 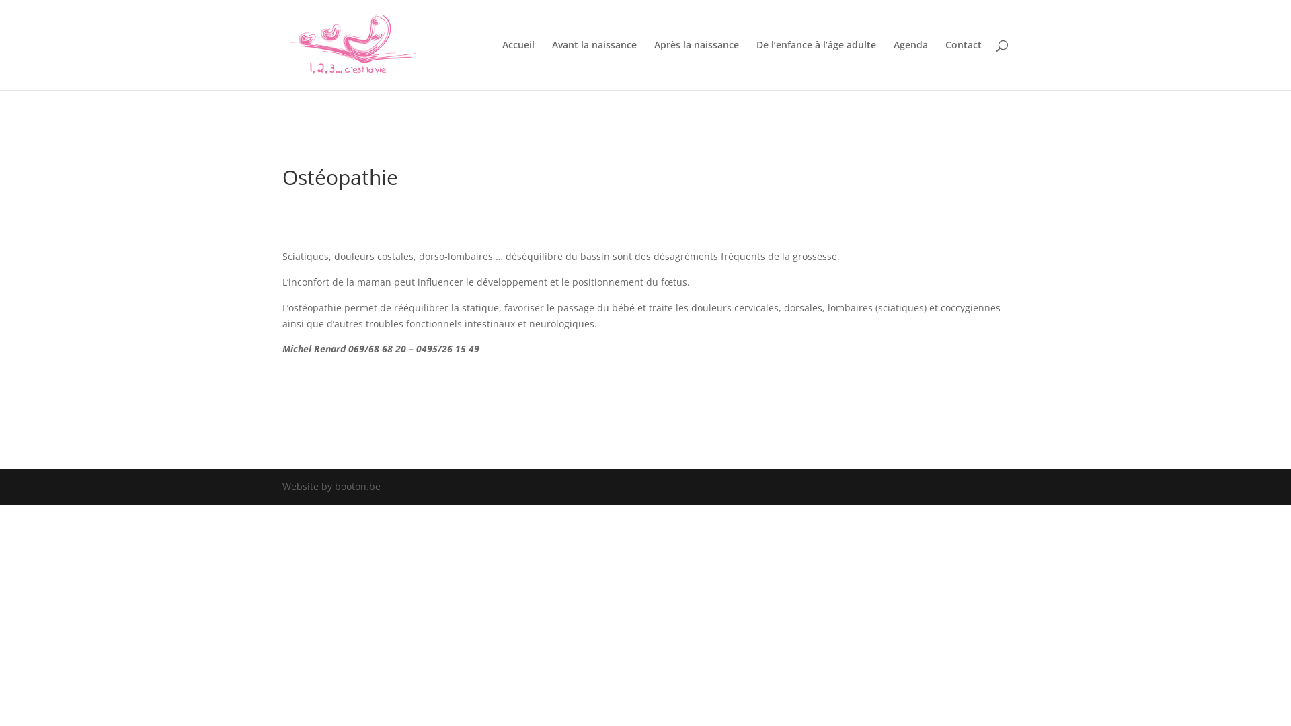 I want to click on 'Avant la naissance', so click(x=593, y=65).